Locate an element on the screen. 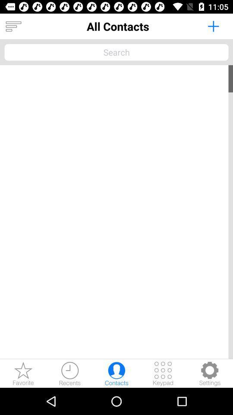 This screenshot has width=233, height=415. the add icon is located at coordinates (213, 26).